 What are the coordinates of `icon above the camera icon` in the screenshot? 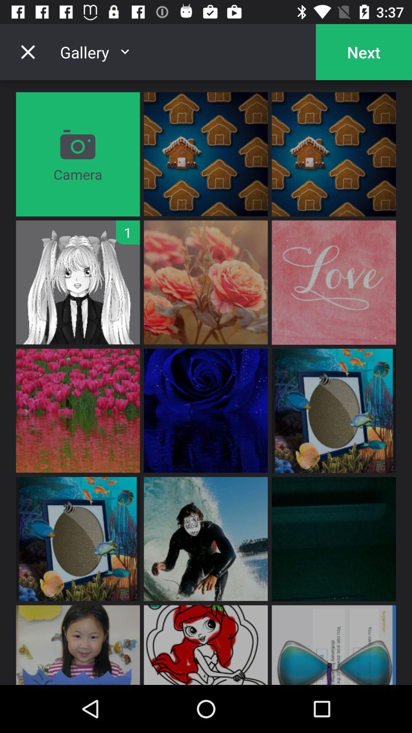 It's located at (27, 52).